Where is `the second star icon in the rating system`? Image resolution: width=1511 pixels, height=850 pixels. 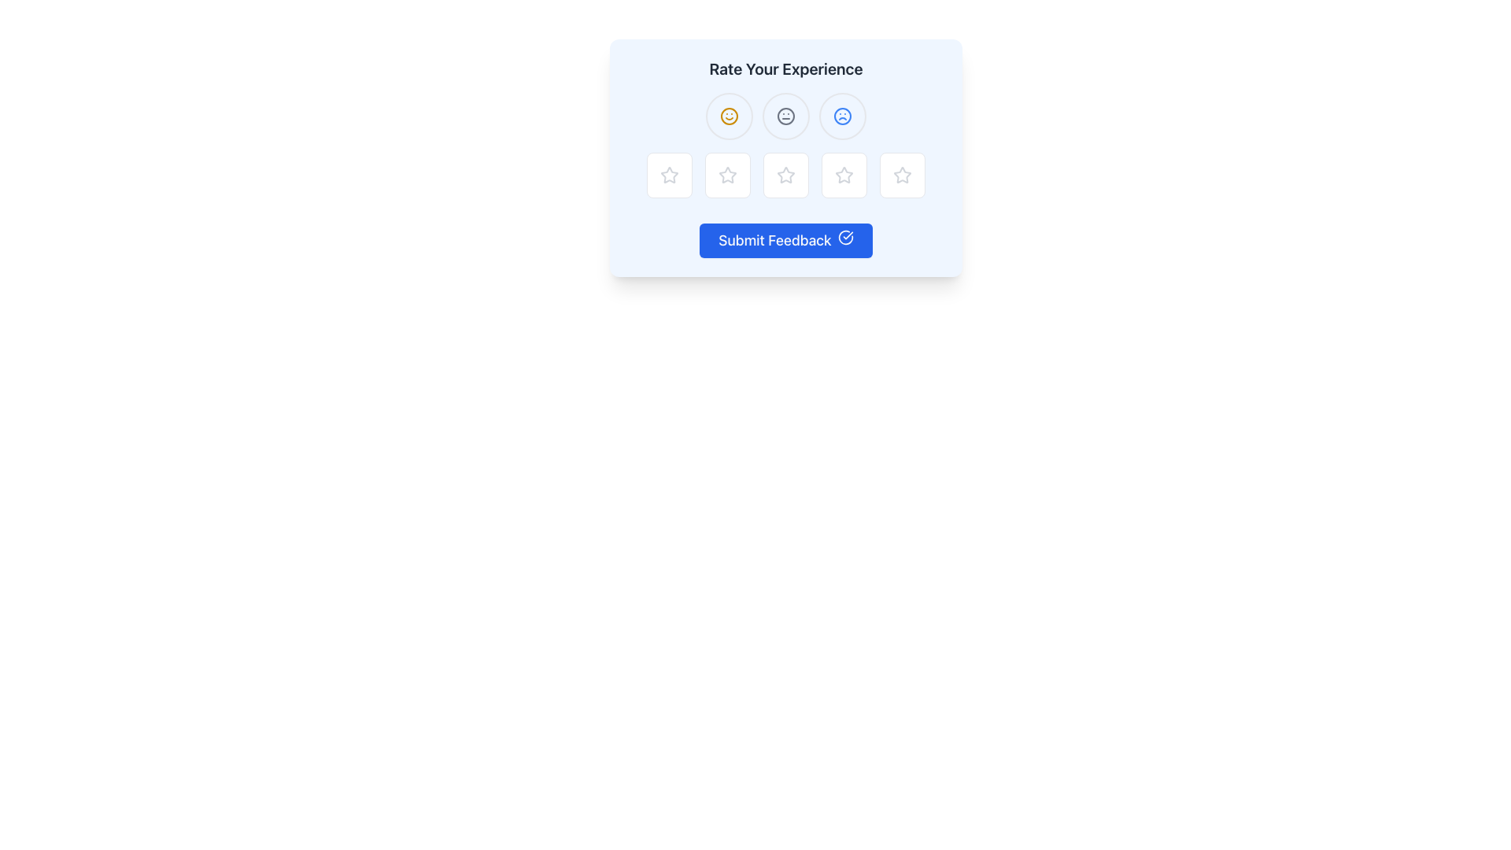 the second star icon in the rating system is located at coordinates (727, 176).